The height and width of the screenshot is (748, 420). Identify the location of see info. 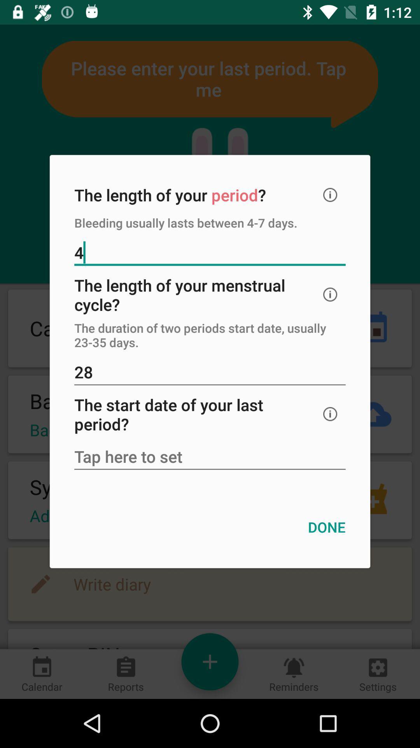
(330, 195).